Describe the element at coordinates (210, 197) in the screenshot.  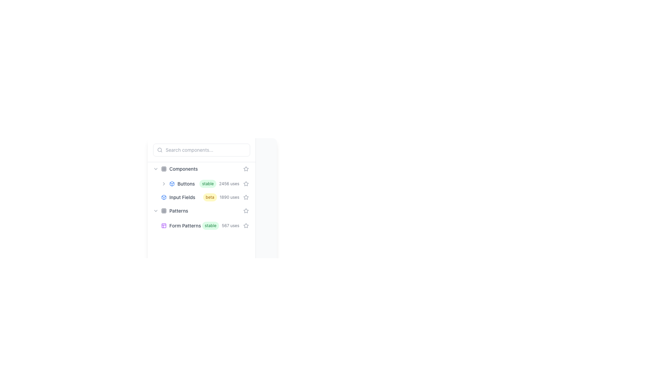
I see `the small rounded rectangular label with the text 'beta', which is located within the 'Input Fields' group, positioned to the right of the 'Input Fields' label and to the left of the '1890 uses' label` at that location.